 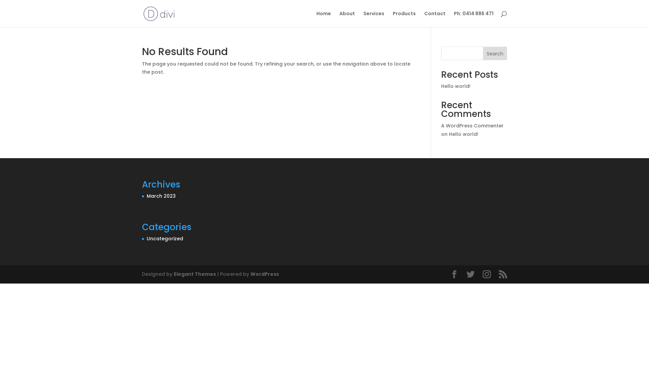 I want to click on 'Services', so click(x=363, y=19).